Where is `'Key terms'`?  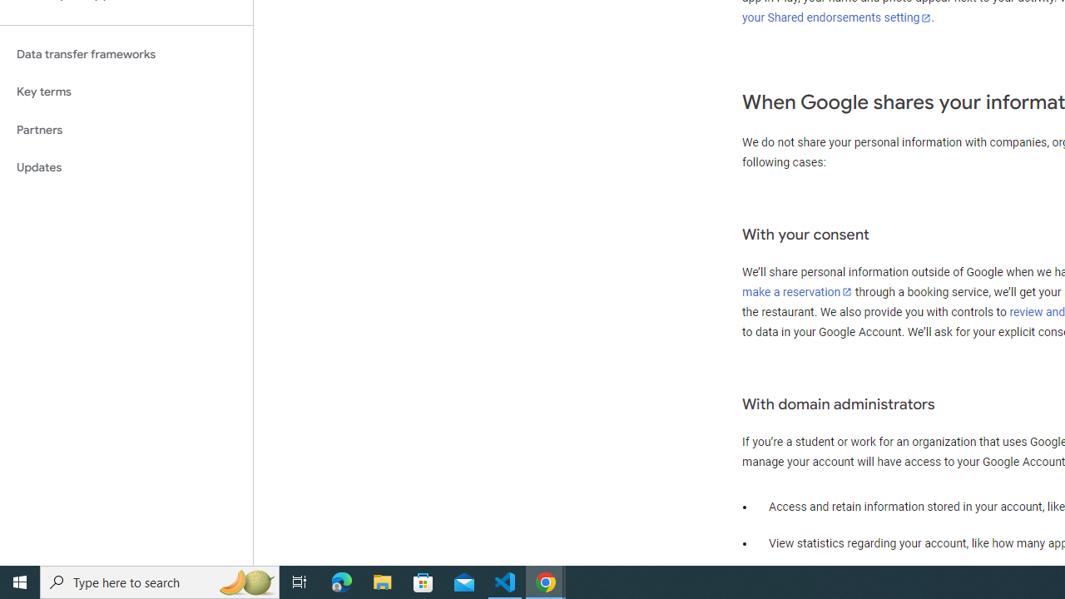
'Key terms' is located at coordinates (126, 92).